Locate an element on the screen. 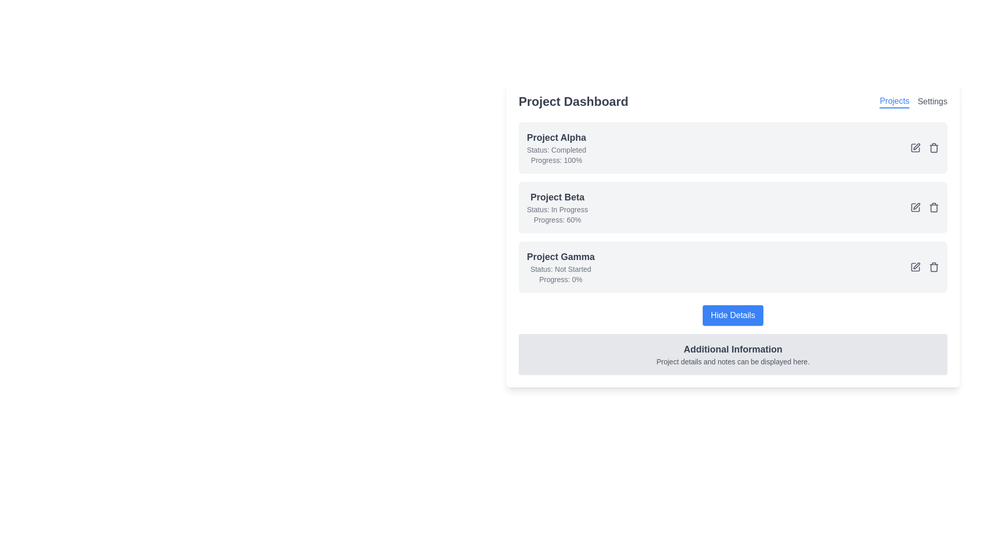 The height and width of the screenshot is (555, 987). the editing action icon, which resembles a pen or pencil, located at the rightmost part of the 'Project Gamma' entry in the project list is located at coordinates (917, 265).